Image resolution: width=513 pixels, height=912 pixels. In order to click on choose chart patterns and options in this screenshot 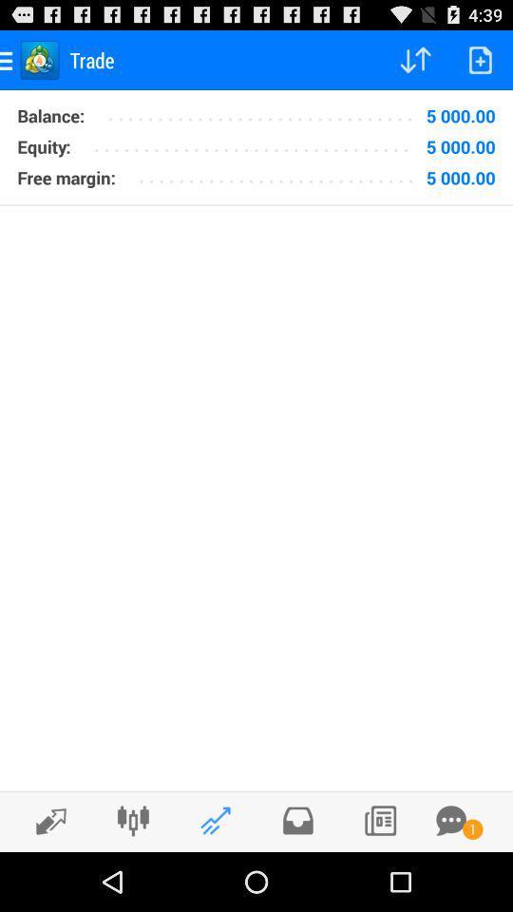, I will do `click(132, 820)`.